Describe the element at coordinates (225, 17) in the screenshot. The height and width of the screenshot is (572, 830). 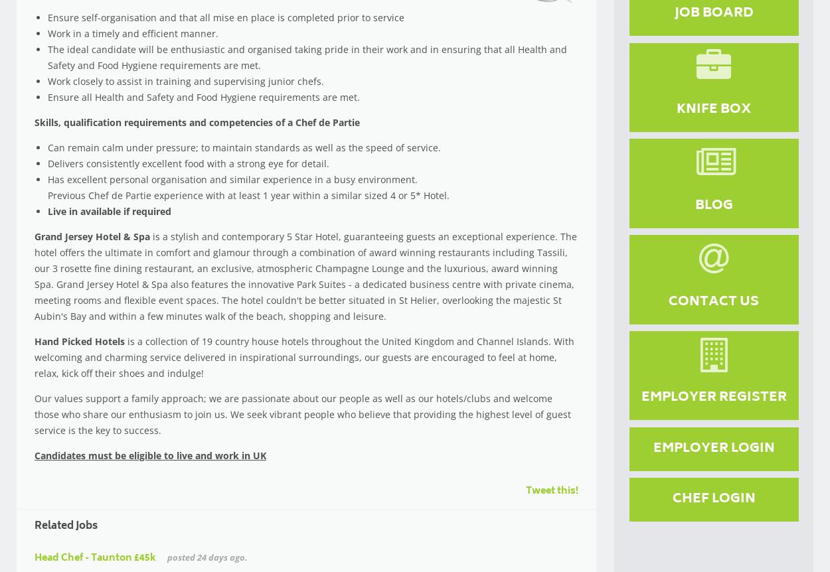
I see `'Ensure self-organisation and that all mise en place is completed prior to service'` at that location.